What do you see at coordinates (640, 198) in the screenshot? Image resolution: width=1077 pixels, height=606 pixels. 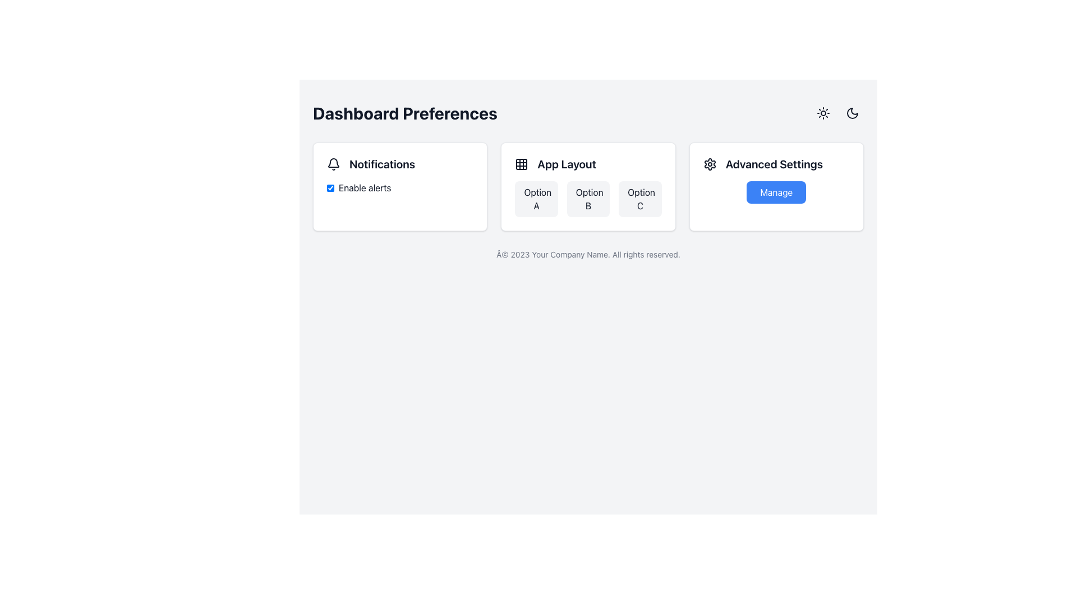 I see `the 'Option C' button, which is a rectangular button with a light gray background and bold black text` at bounding box center [640, 198].